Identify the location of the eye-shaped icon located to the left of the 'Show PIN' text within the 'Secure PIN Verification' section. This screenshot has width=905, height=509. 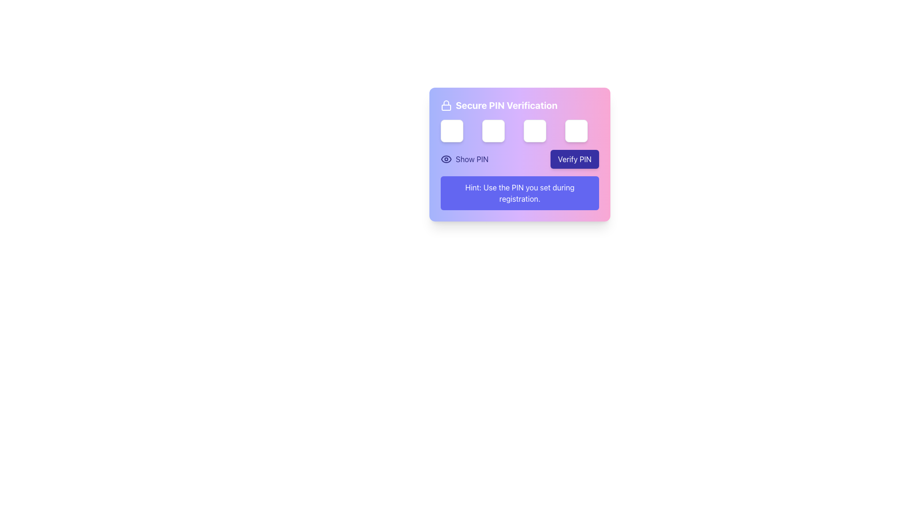
(445, 159).